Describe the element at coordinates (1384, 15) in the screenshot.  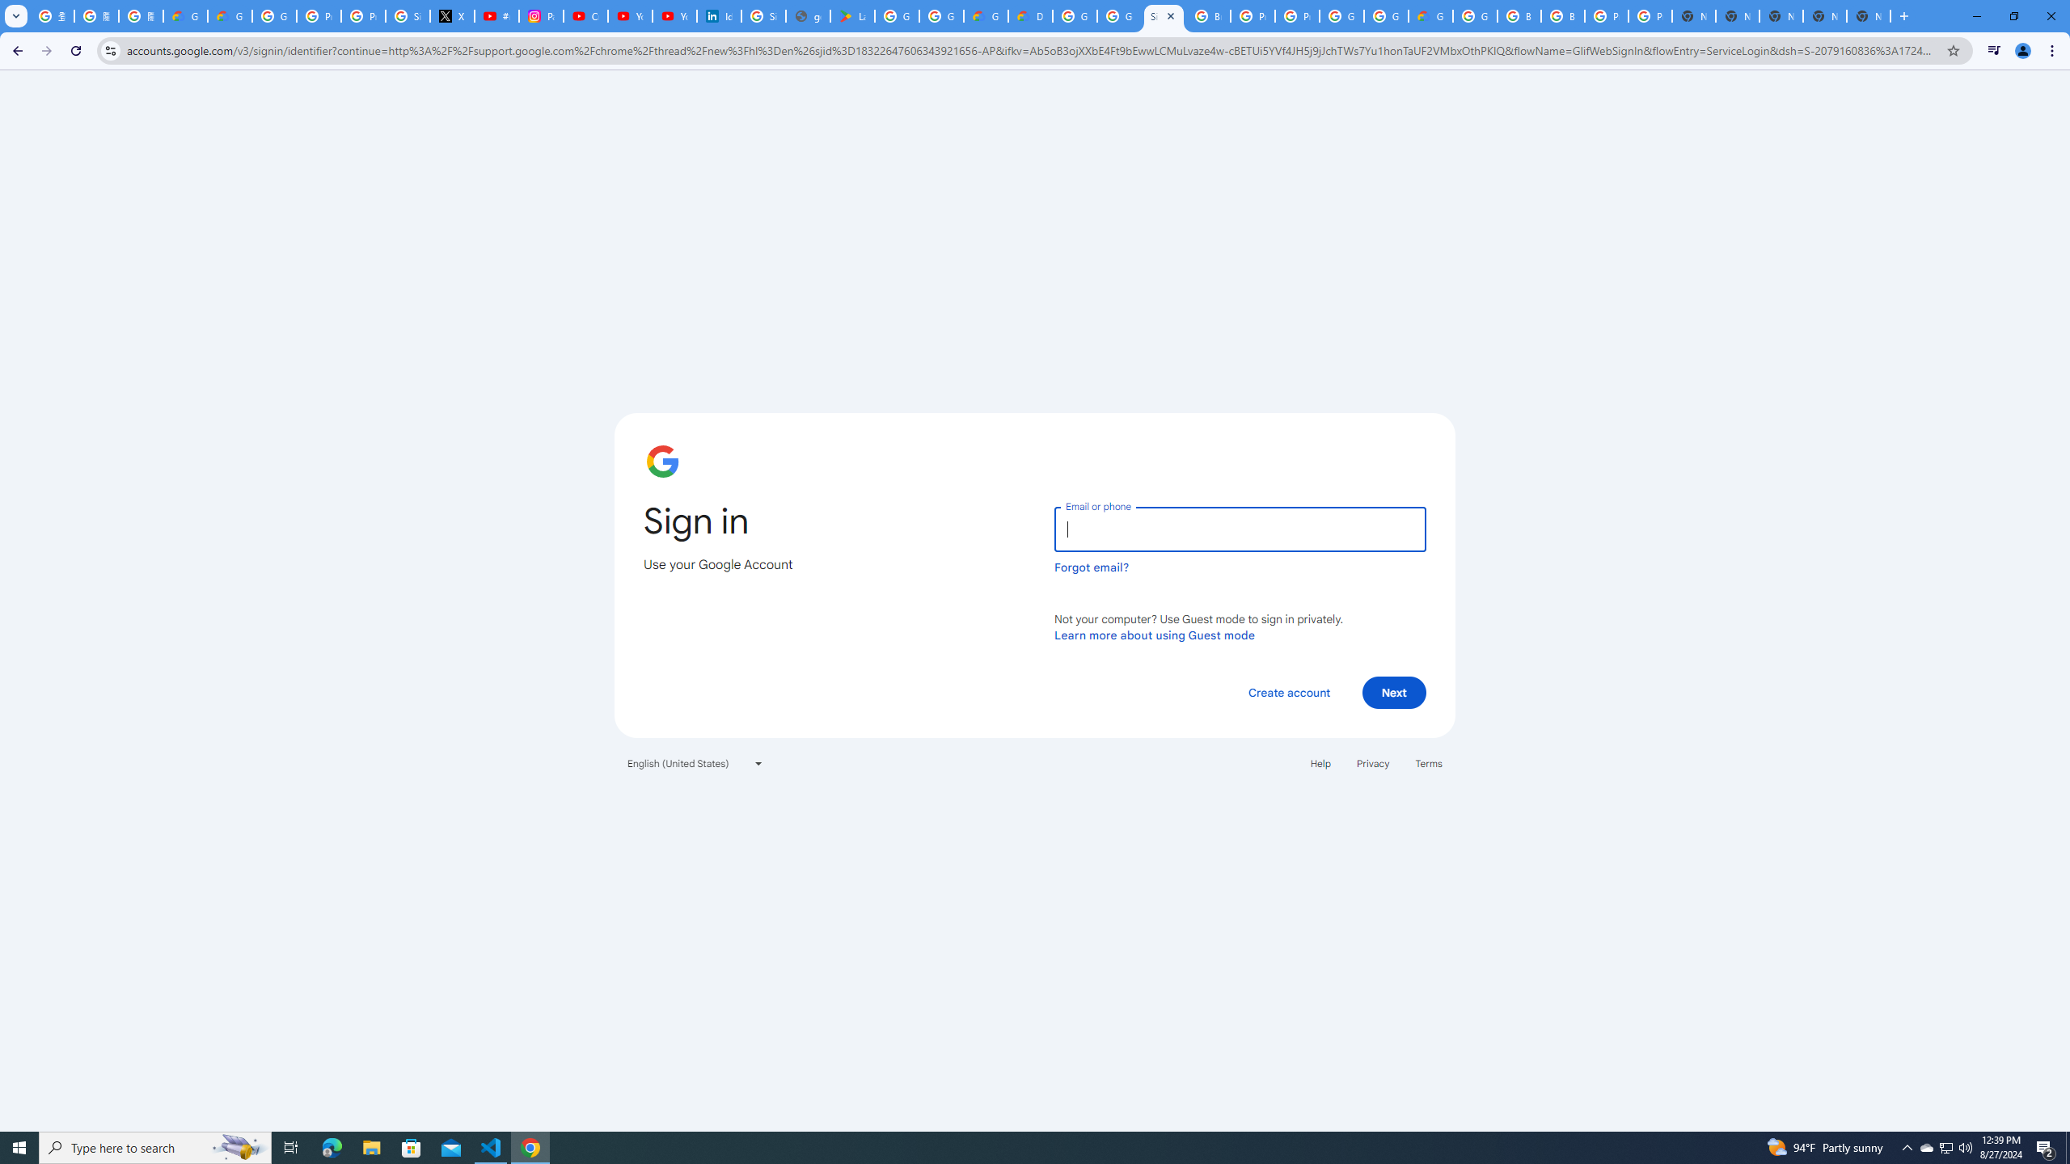
I see `'Google Cloud Platform'` at that location.